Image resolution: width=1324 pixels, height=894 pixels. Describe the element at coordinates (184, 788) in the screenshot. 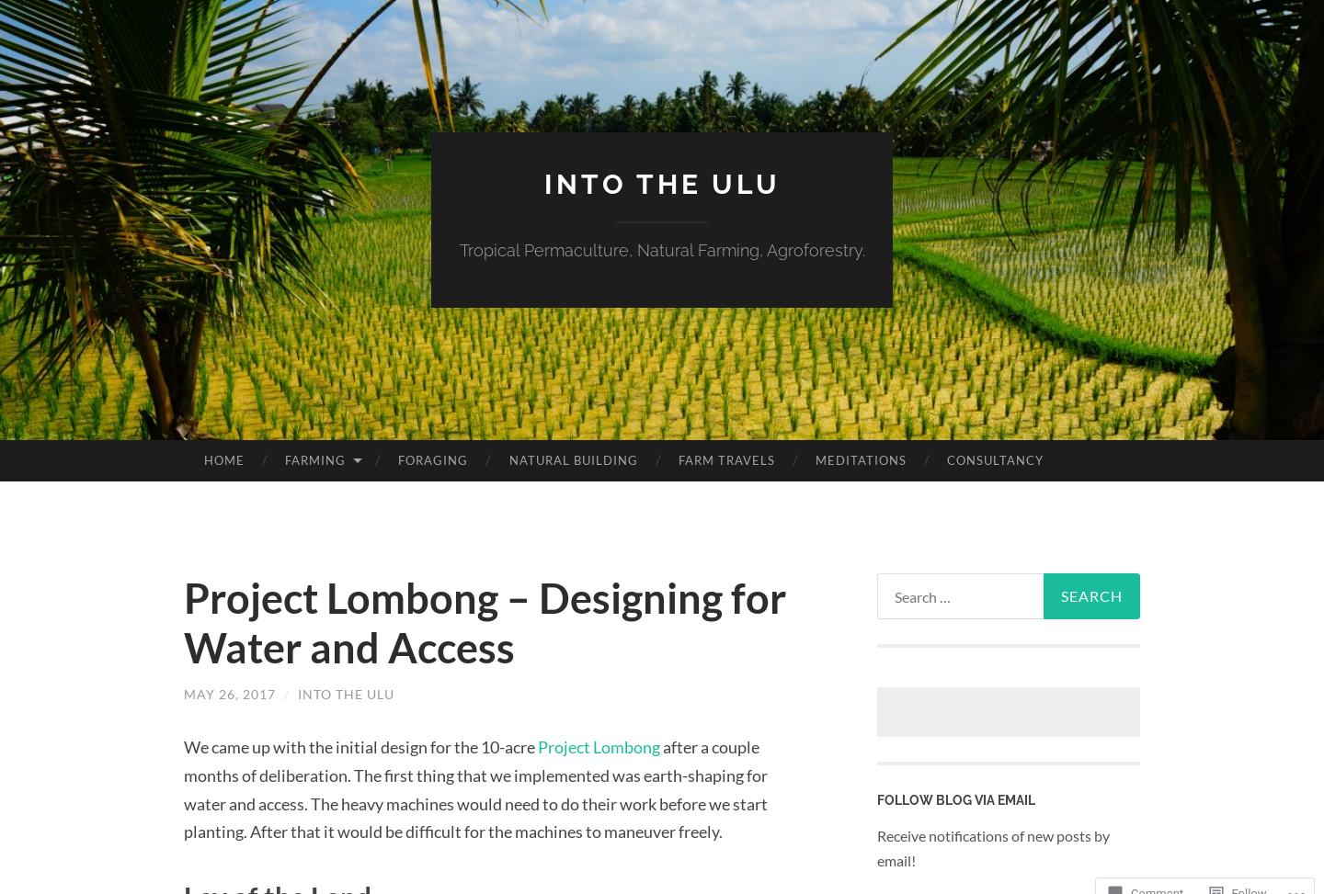

I see `'after a couple months of deliberation. The first thing that we implemented was earth-shaping for water and access. The heavy machines would need to do their work before we start planting. After that it would be difficult for the machines to maneuver freely.'` at that location.